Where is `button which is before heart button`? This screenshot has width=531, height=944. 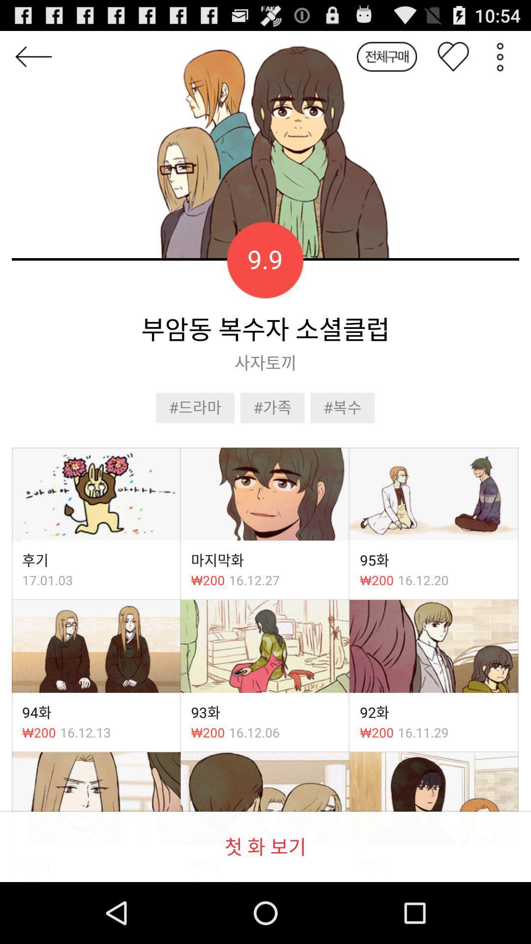 button which is before heart button is located at coordinates (386, 56).